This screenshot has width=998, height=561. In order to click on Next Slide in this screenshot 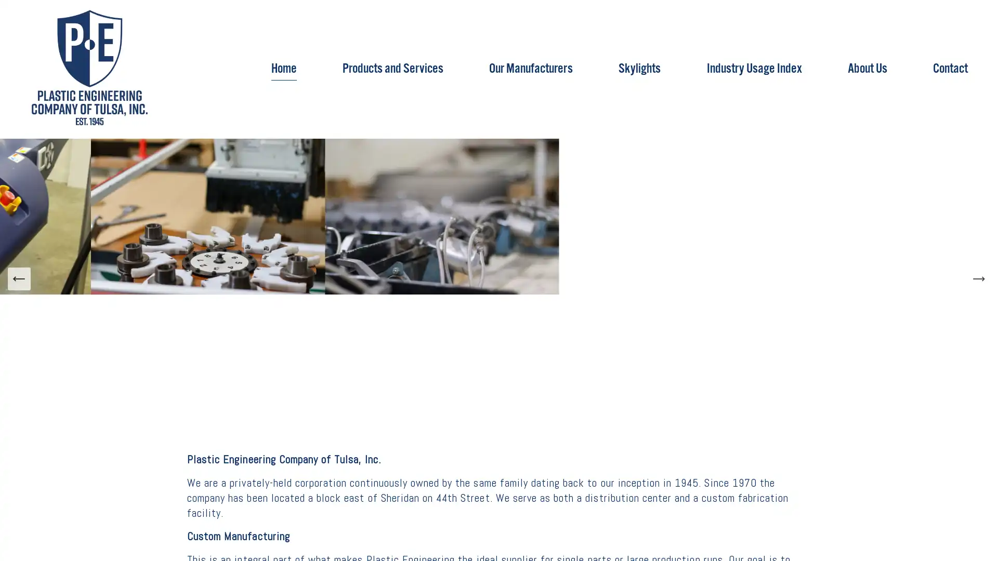, I will do `click(978, 278)`.